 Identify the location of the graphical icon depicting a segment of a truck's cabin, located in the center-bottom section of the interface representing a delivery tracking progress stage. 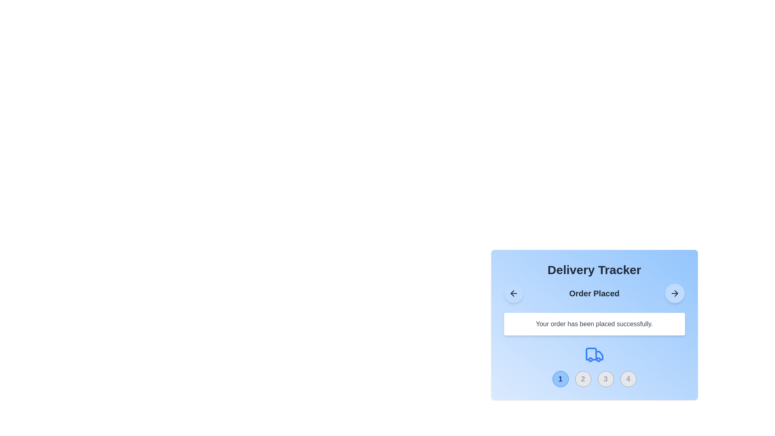
(591, 353).